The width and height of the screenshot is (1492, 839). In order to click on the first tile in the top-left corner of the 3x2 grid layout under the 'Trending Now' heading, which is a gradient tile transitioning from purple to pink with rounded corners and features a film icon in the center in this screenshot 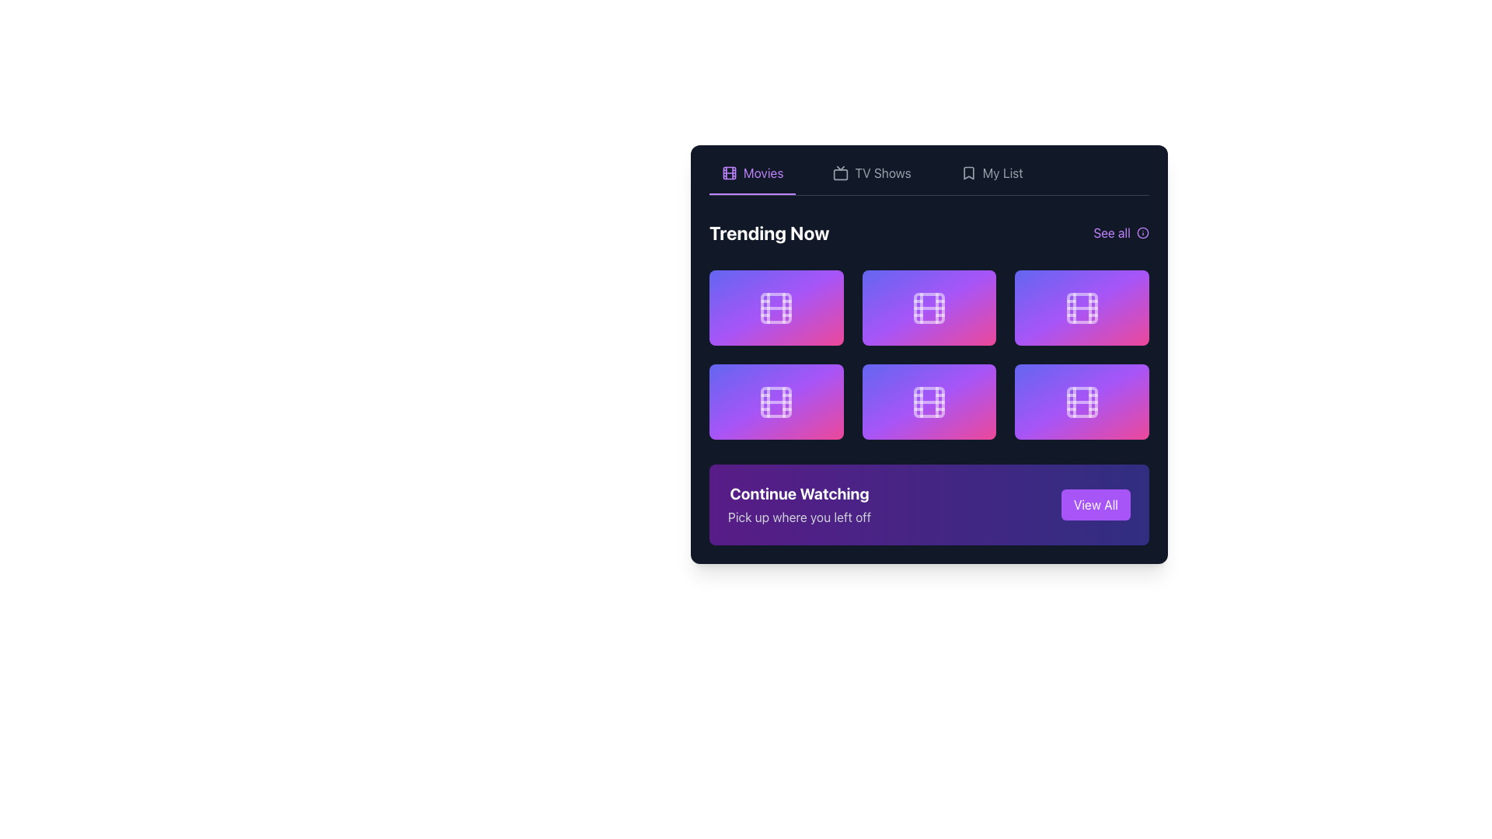, I will do `click(776, 308)`.